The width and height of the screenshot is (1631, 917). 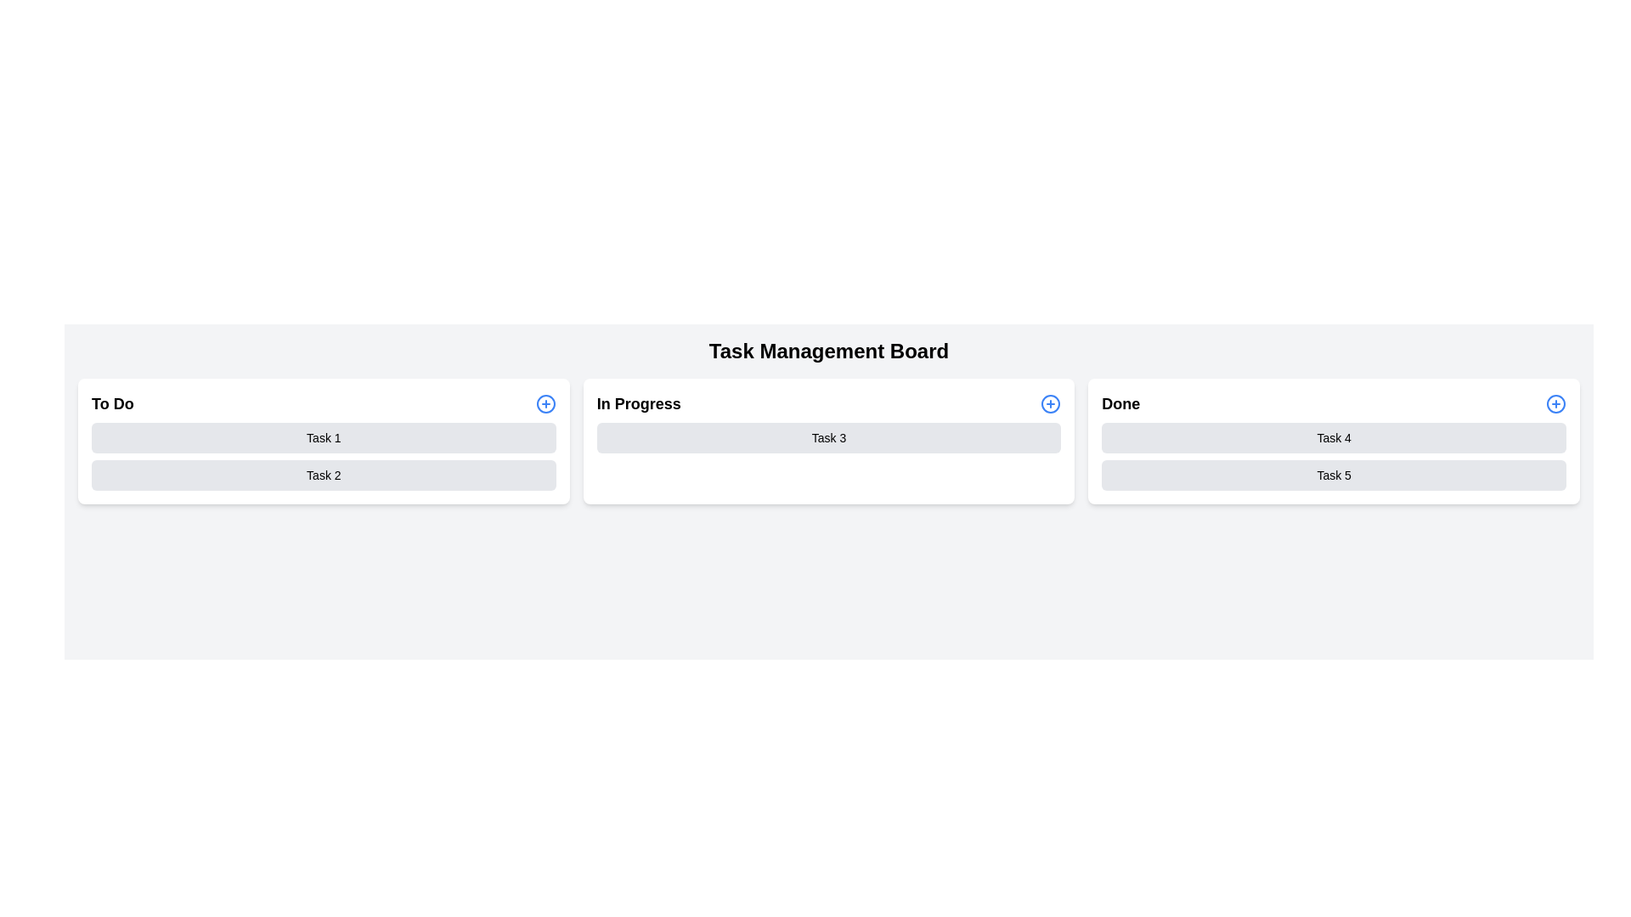 I want to click on the circular SVG shape with a blue outline located in the top-right corner of the 'In Progress' column's card on the task management board, so click(x=1050, y=403).